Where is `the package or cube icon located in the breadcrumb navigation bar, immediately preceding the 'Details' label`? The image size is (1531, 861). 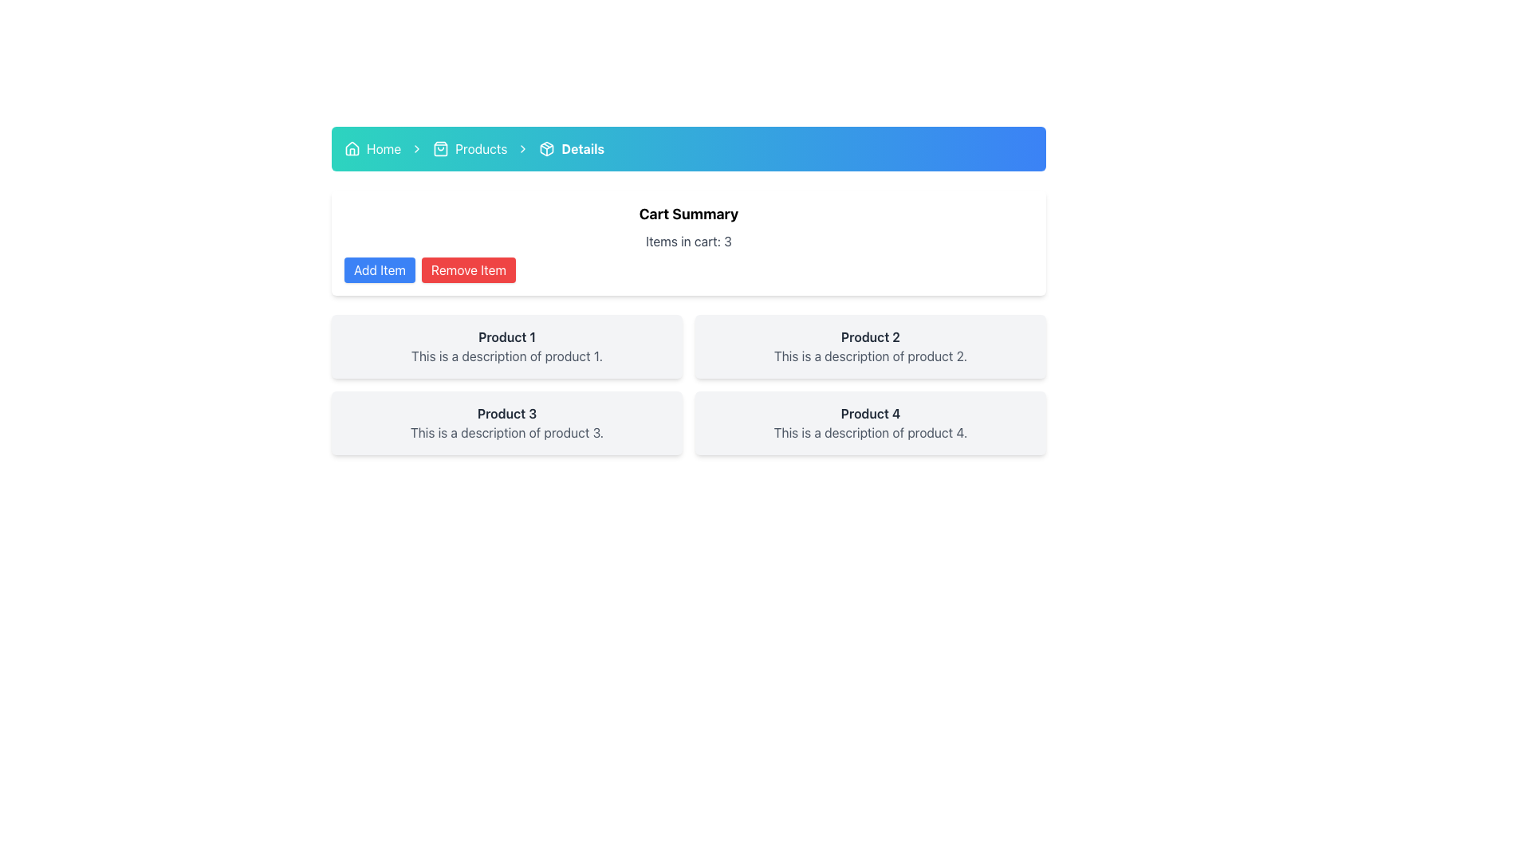
the package or cube icon located in the breadcrumb navigation bar, immediately preceding the 'Details' label is located at coordinates (547, 148).